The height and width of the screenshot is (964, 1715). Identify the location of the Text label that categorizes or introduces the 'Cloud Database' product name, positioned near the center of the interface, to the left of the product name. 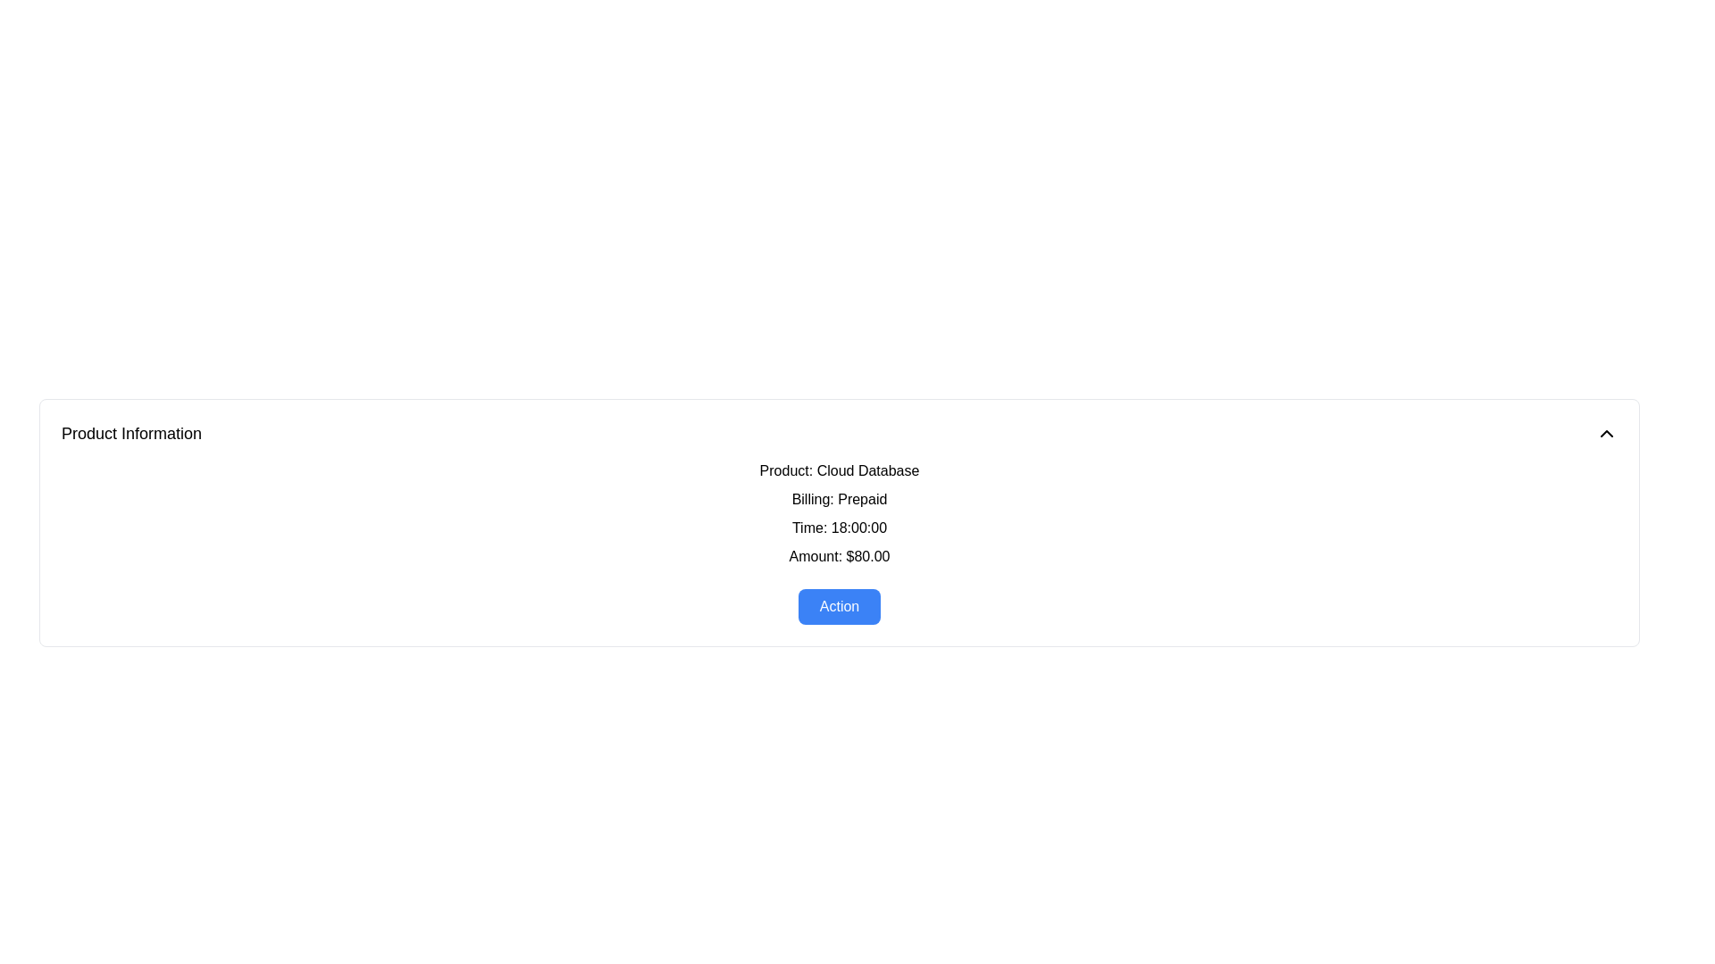
(786, 470).